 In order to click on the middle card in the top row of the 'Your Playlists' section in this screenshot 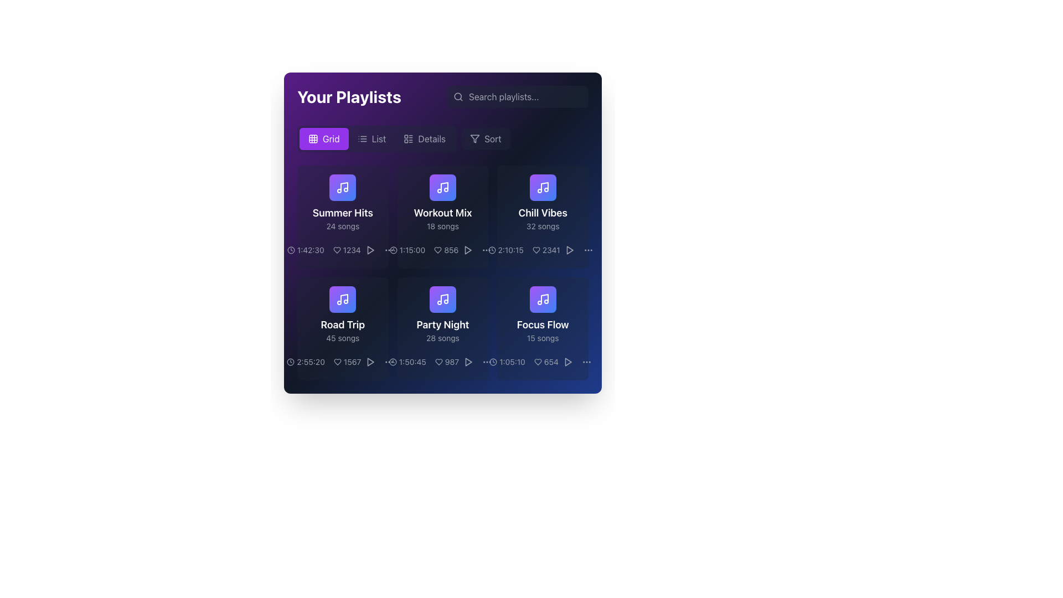, I will do `click(443, 217)`.